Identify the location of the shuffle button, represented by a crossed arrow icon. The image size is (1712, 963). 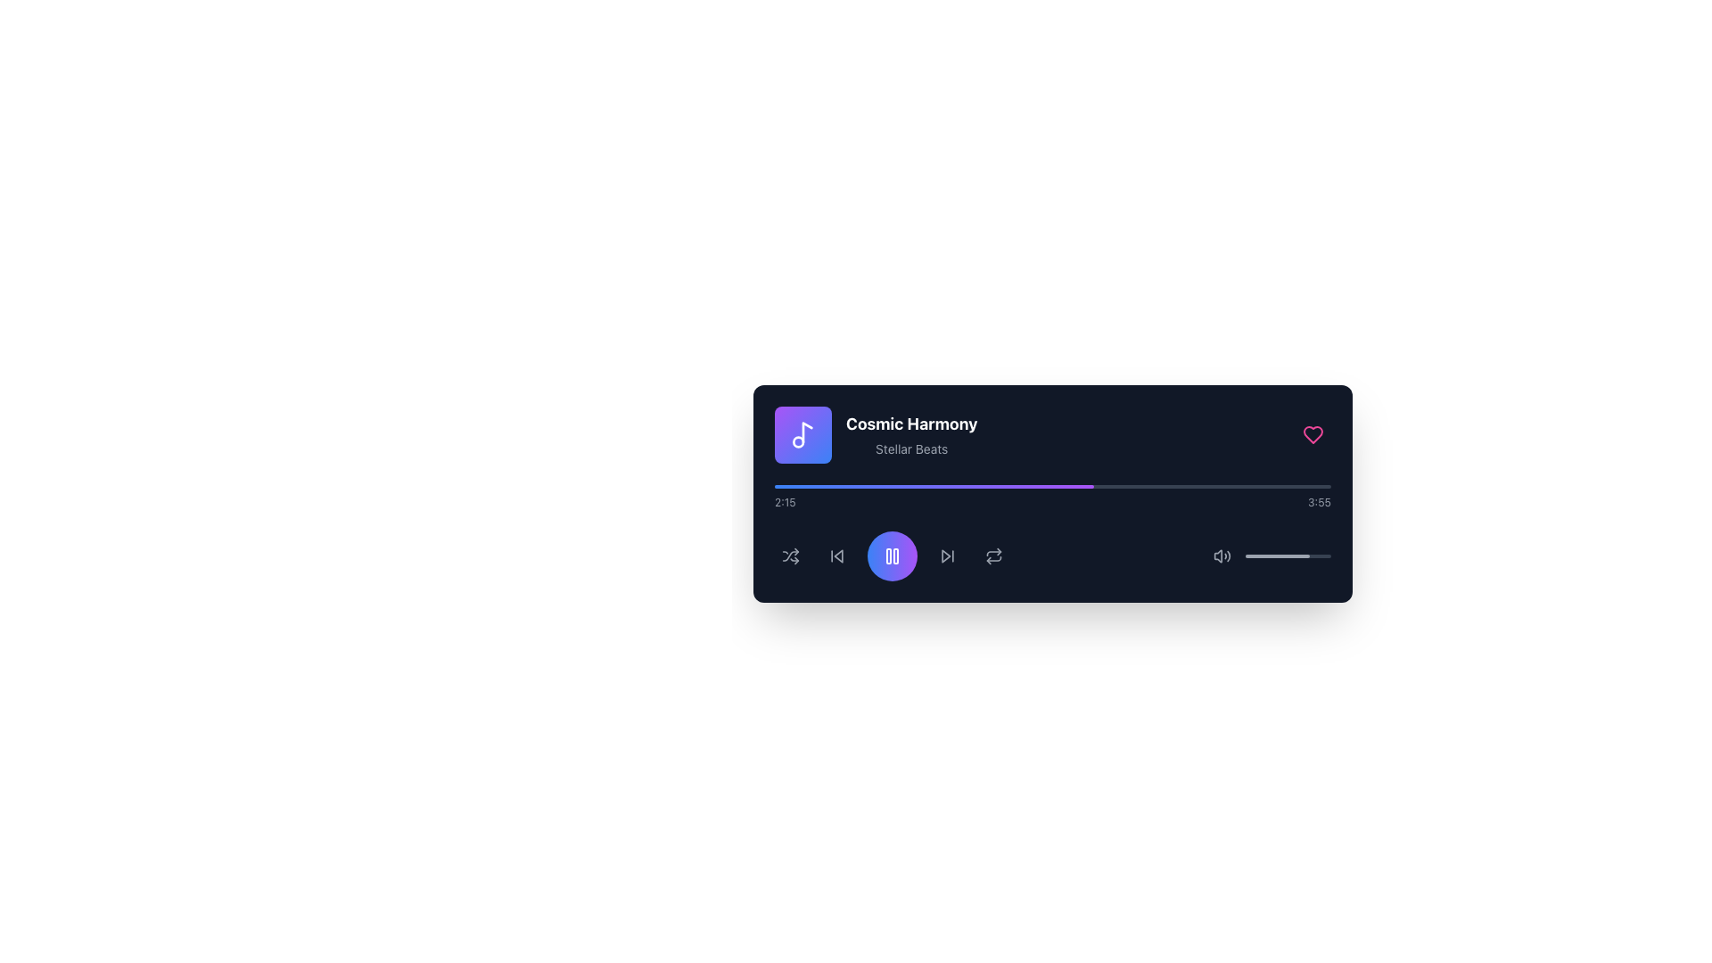
(790, 556).